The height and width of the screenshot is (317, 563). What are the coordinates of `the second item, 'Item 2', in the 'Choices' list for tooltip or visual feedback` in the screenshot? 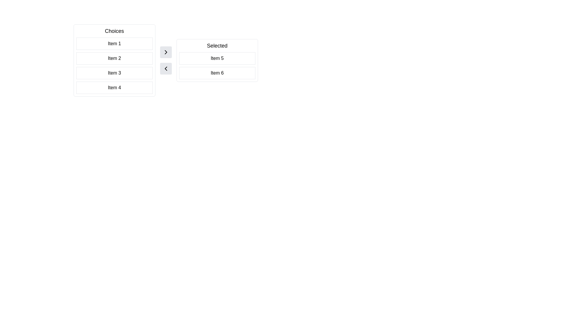 It's located at (114, 60).